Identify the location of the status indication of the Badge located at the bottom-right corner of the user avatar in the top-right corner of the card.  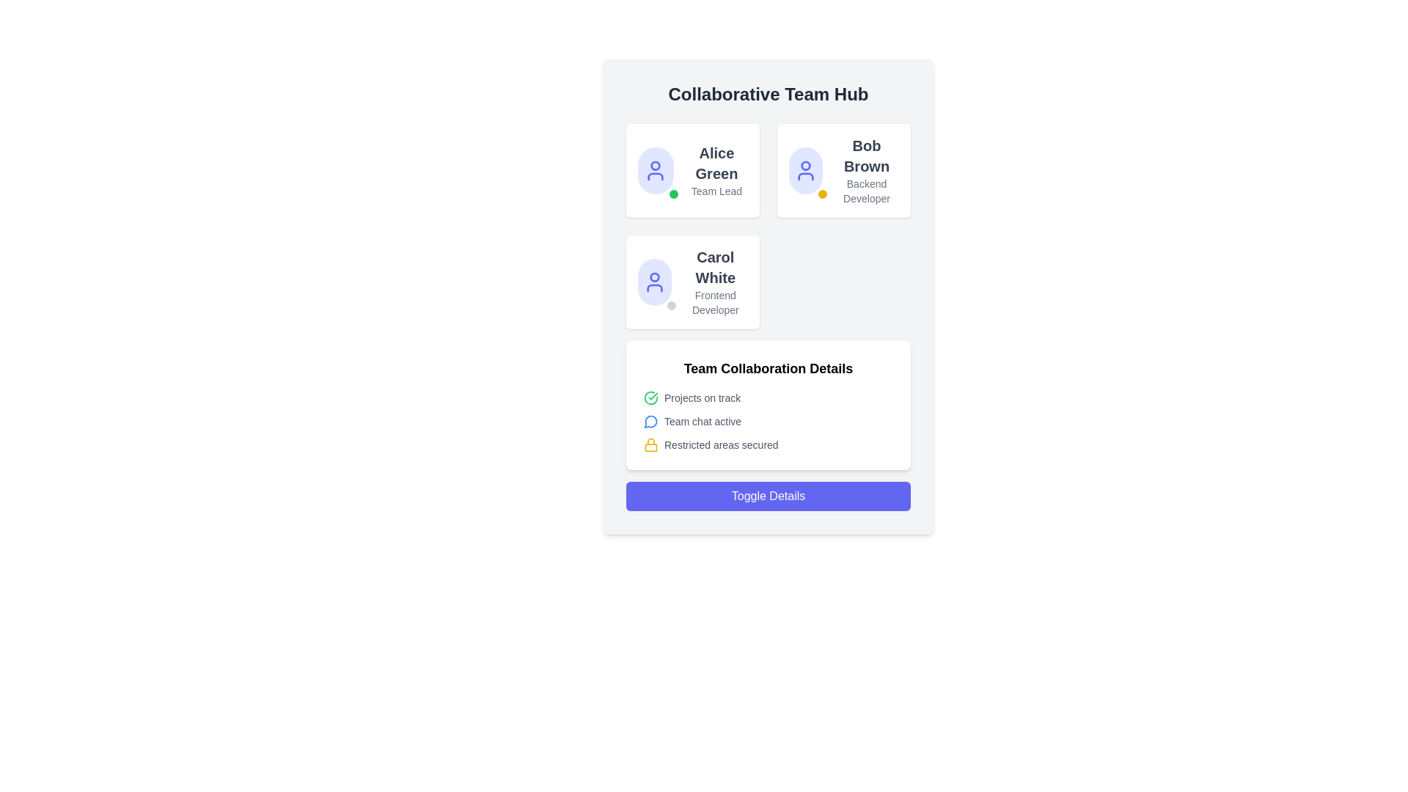
(823, 194).